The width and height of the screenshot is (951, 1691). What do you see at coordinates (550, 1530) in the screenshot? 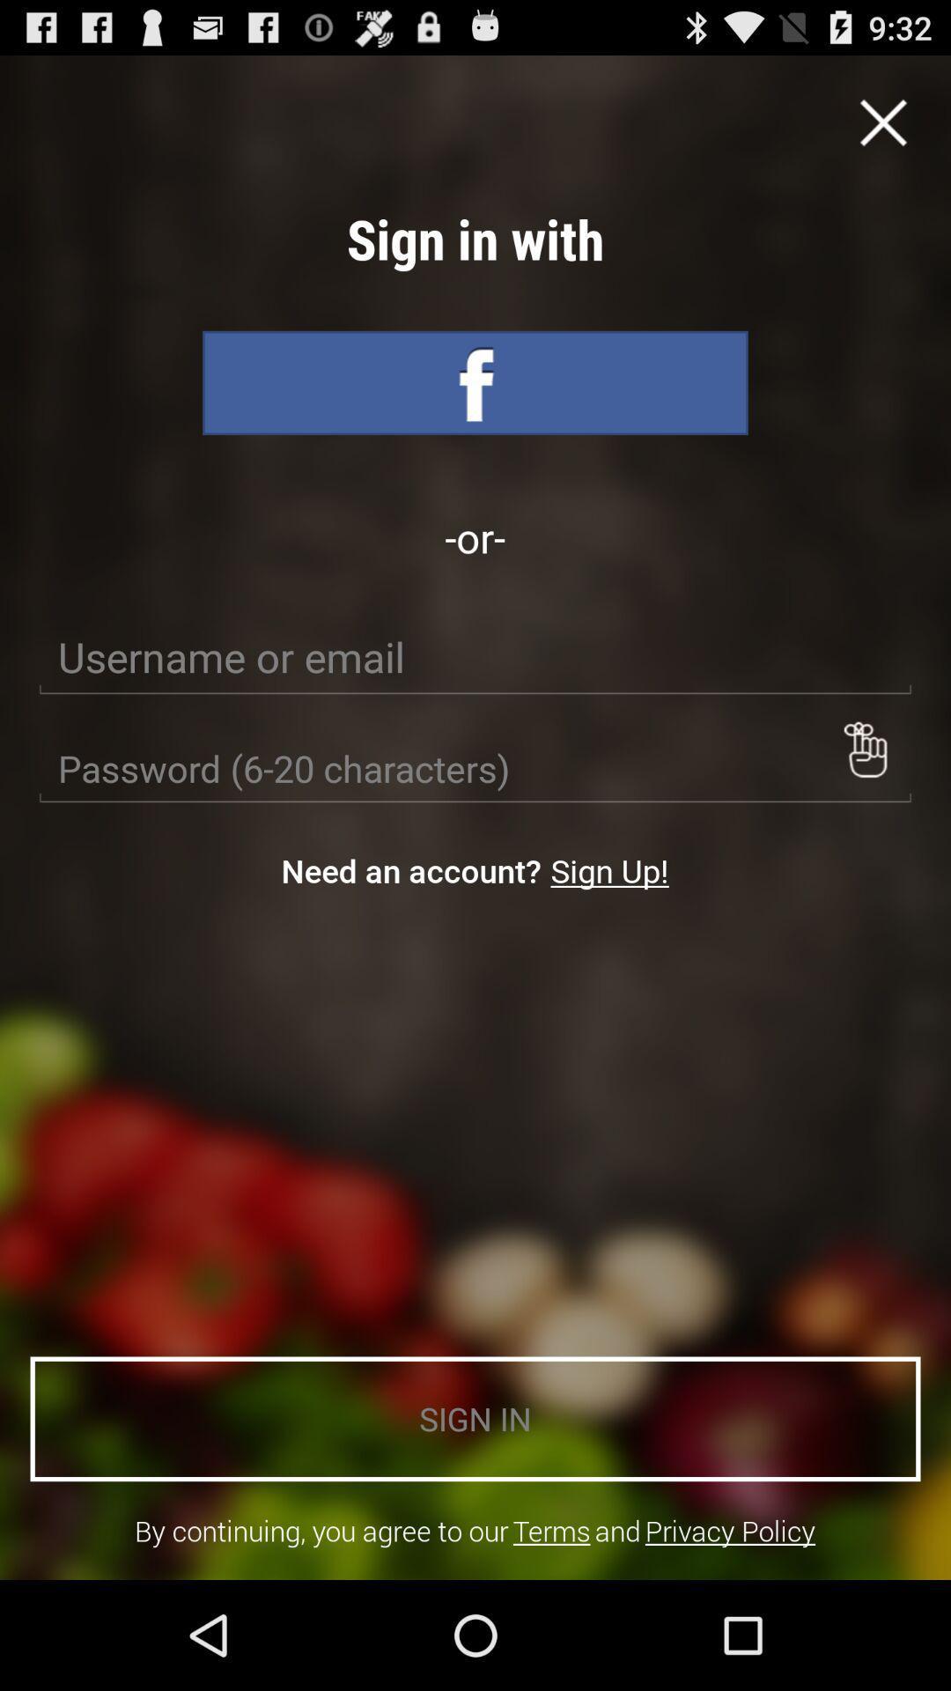
I see `the item next to and item` at bounding box center [550, 1530].